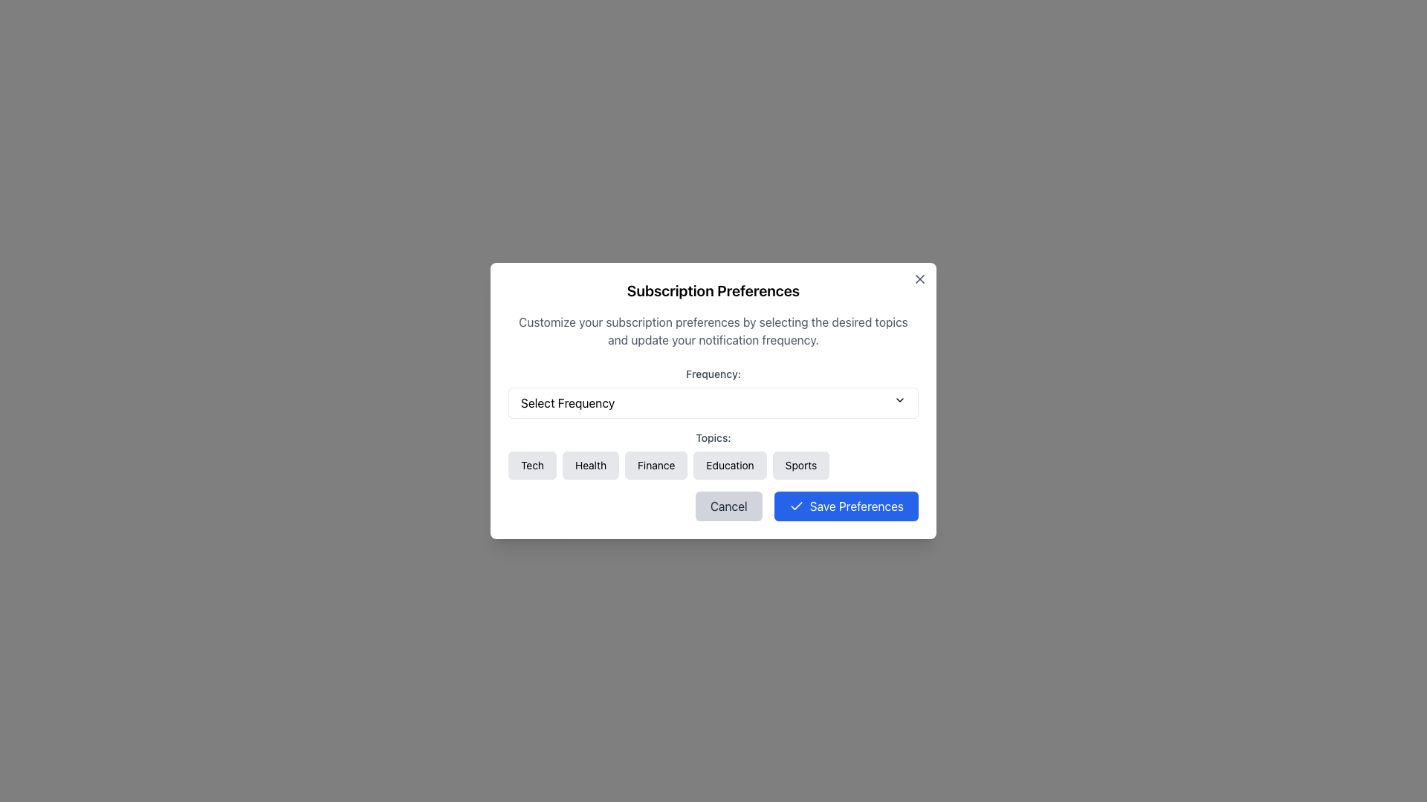  I want to click on the fourth button in the row representing the 'Education' topic, so click(730, 465).